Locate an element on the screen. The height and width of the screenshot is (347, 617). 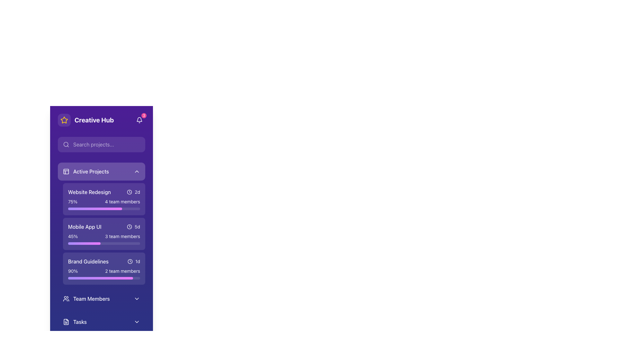
the 'Active Projects' collapsible header is located at coordinates (101, 171).